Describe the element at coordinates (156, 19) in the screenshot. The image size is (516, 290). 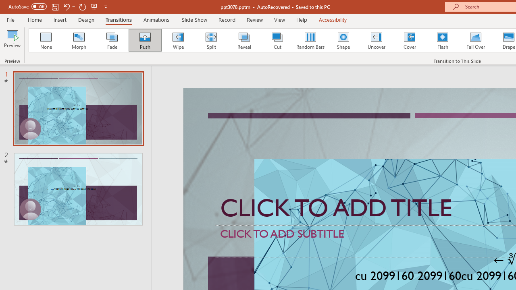
I see `'Animations'` at that location.